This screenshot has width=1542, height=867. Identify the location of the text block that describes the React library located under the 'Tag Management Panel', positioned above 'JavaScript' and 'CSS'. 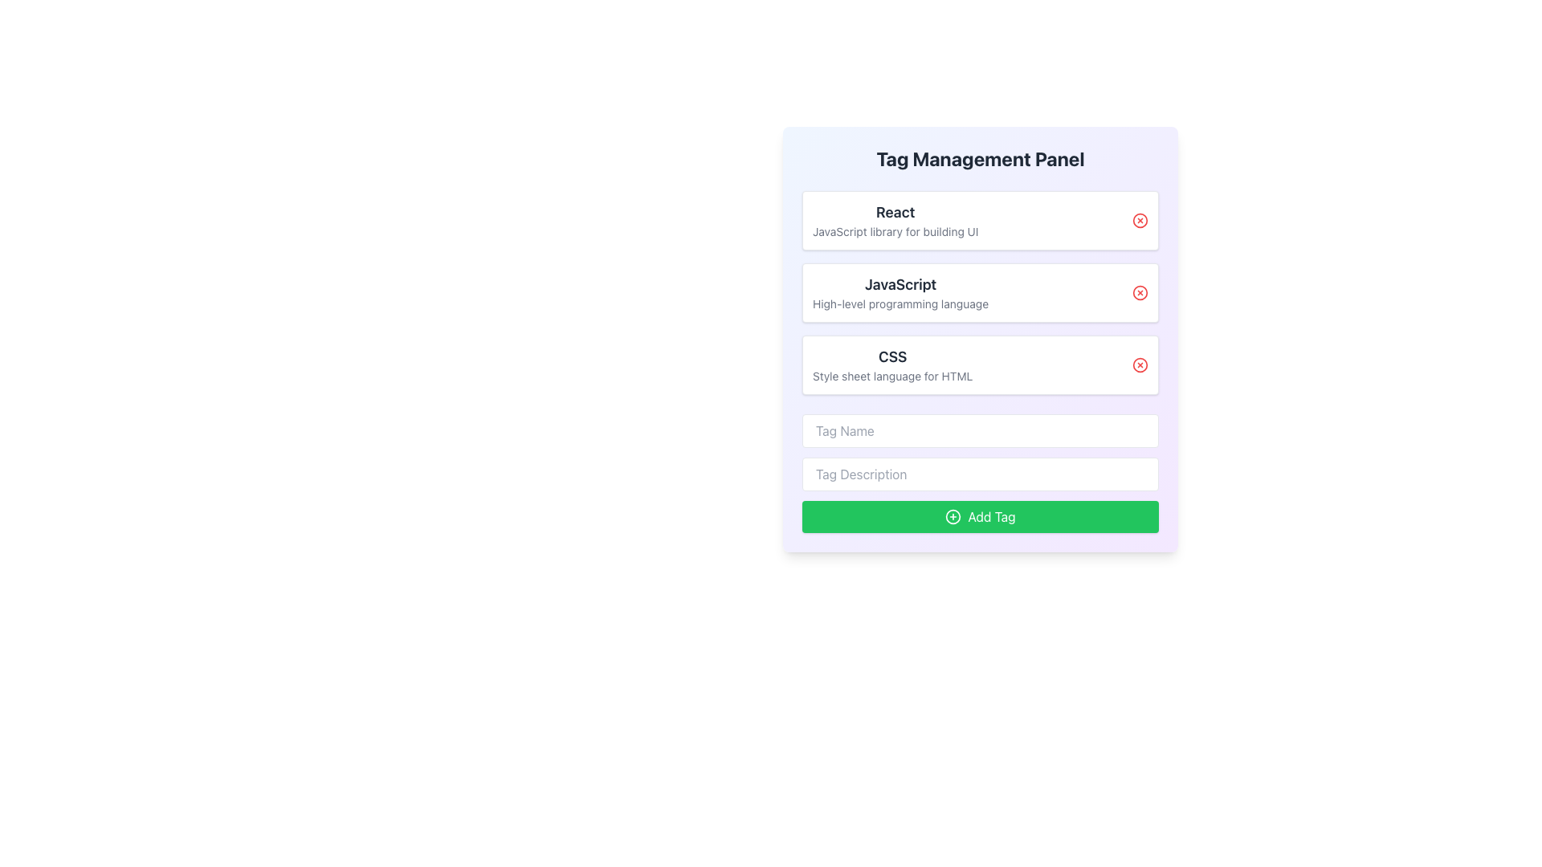
(895, 220).